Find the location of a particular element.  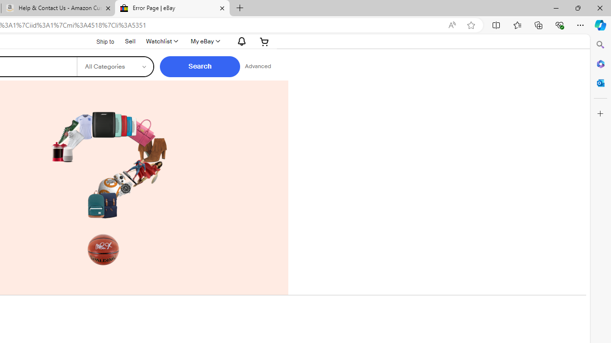

'Expand Cart' is located at coordinates (264, 40).